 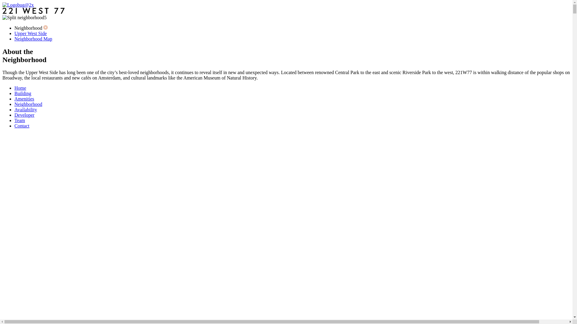 What do you see at coordinates (24, 98) in the screenshot?
I see `'Amenities'` at bounding box center [24, 98].